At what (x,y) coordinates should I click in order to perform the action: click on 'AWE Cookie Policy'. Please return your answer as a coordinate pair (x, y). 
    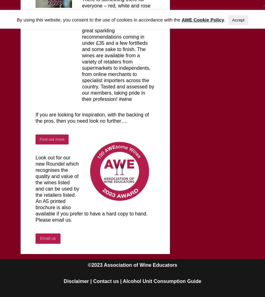
    Looking at the image, I should click on (203, 19).